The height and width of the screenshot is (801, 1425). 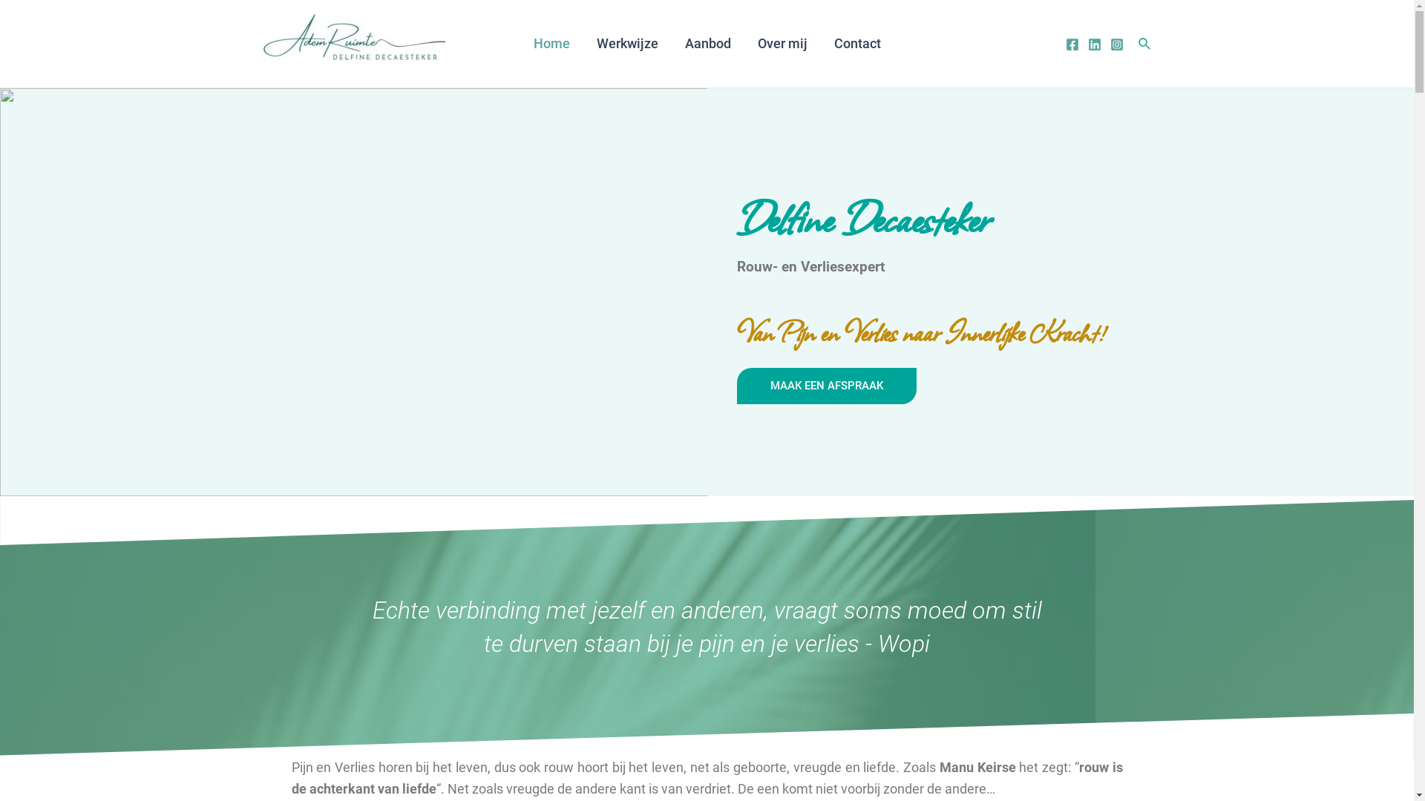 What do you see at coordinates (707, 42) in the screenshot?
I see `'Aanbod'` at bounding box center [707, 42].